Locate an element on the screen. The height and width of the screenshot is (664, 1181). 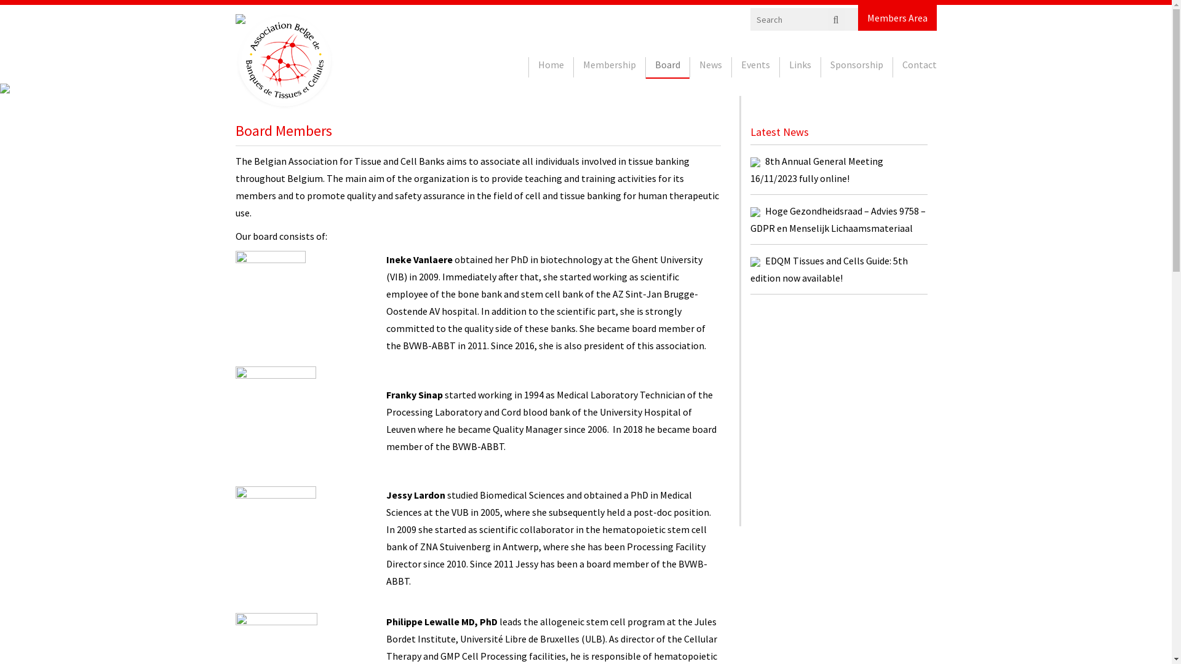
'EDQM Tissues and Cells Guide: 5th edition now available!' is located at coordinates (829, 269).